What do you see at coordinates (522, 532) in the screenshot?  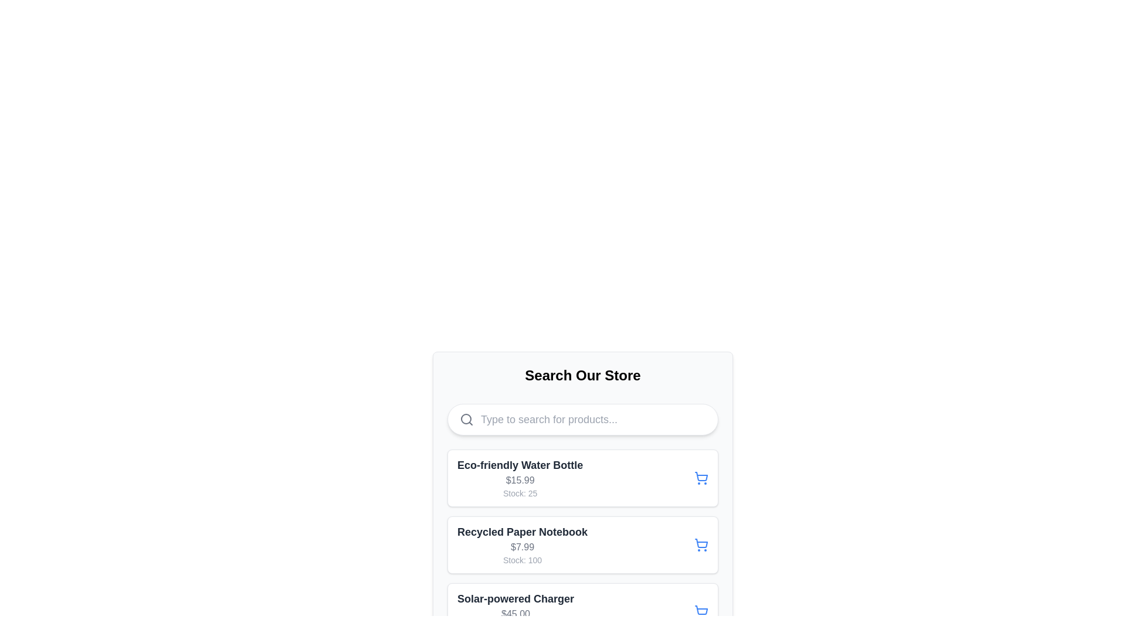 I see `the Text label that serves as the title or name of the product, located at the top of the product description block` at bounding box center [522, 532].